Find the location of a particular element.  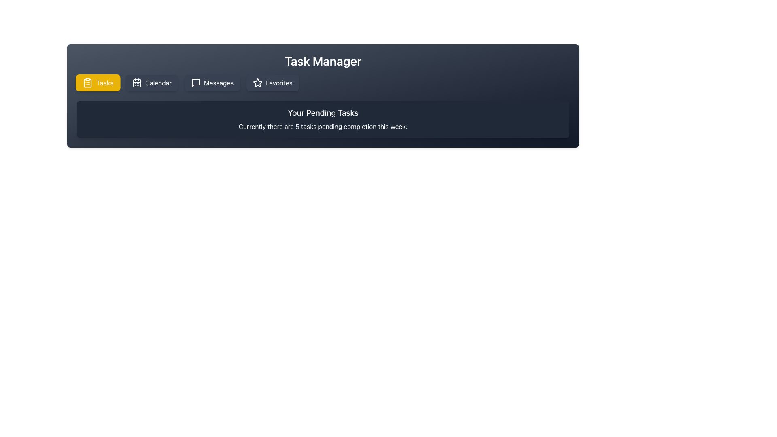

the 'Calendar' button with rounded corners and a shadow effect, located between the 'Tasks' and 'Messages' buttons, to change its background color to yellow is located at coordinates (152, 83).